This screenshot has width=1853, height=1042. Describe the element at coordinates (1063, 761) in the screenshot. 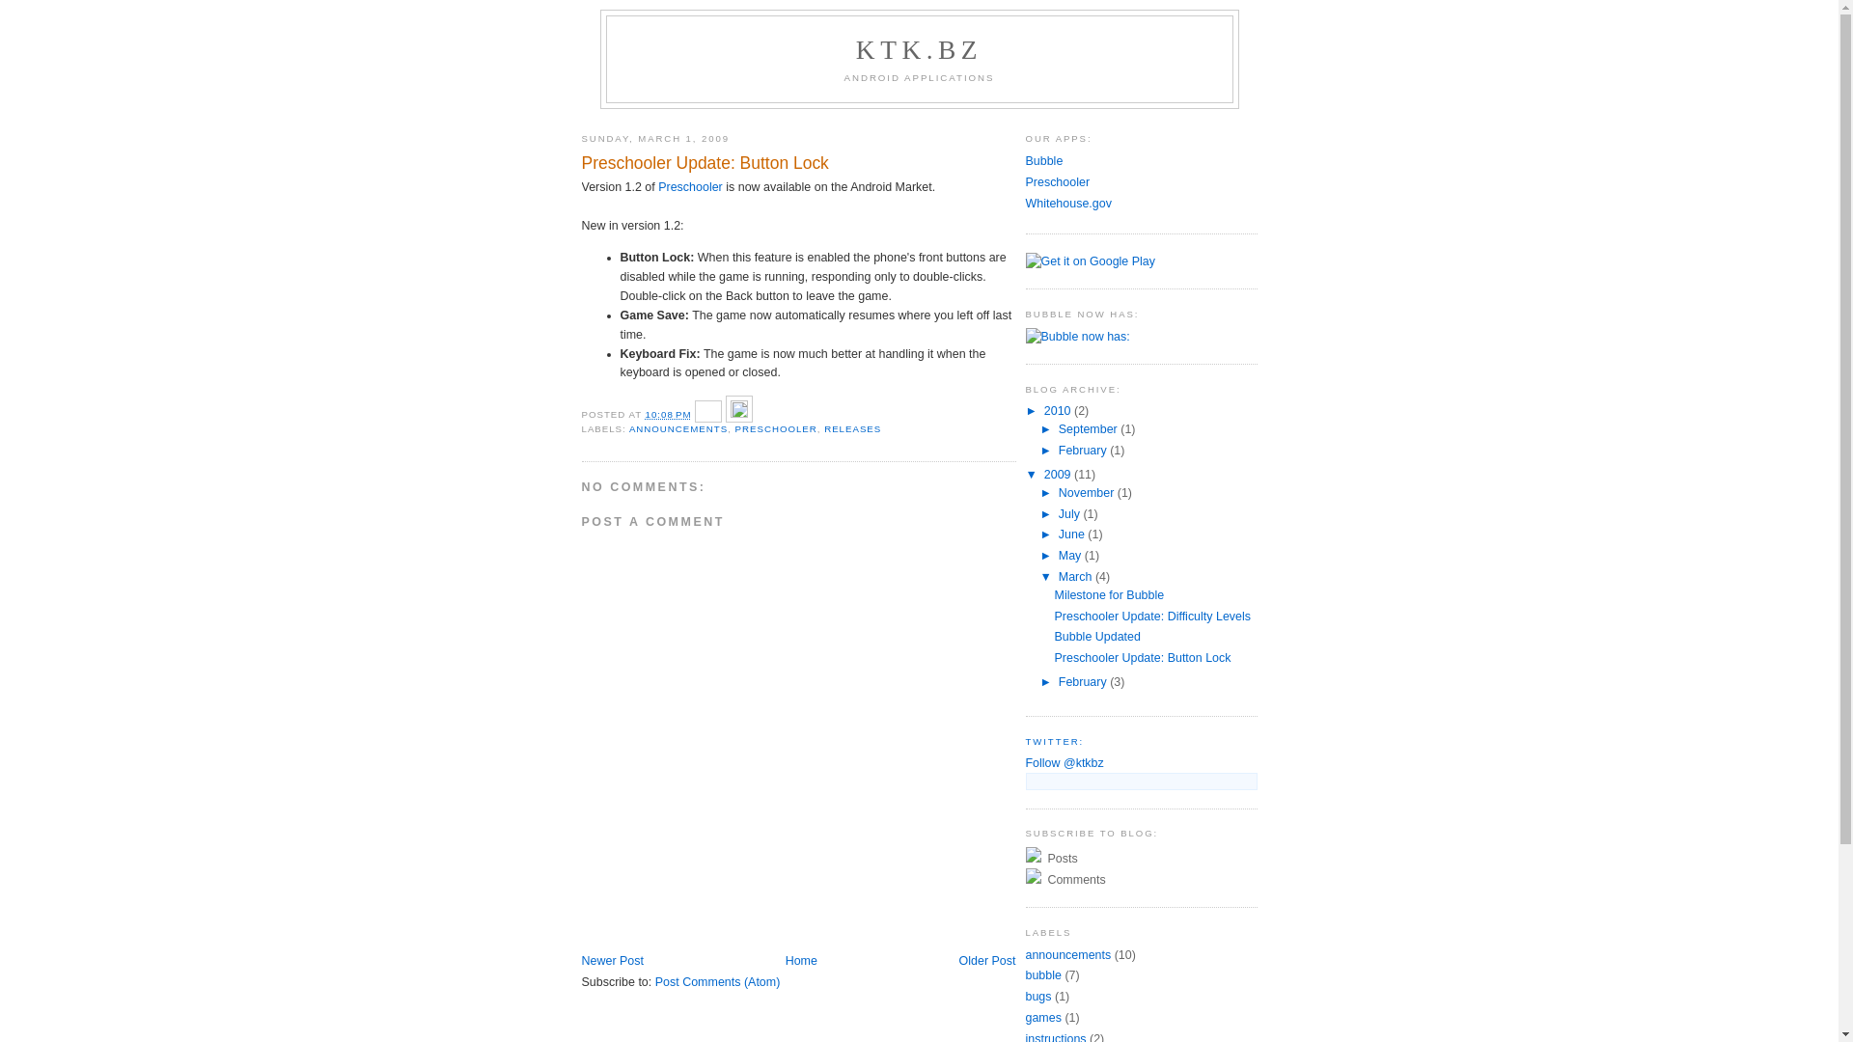

I see `'Follow @ktkbz'` at that location.